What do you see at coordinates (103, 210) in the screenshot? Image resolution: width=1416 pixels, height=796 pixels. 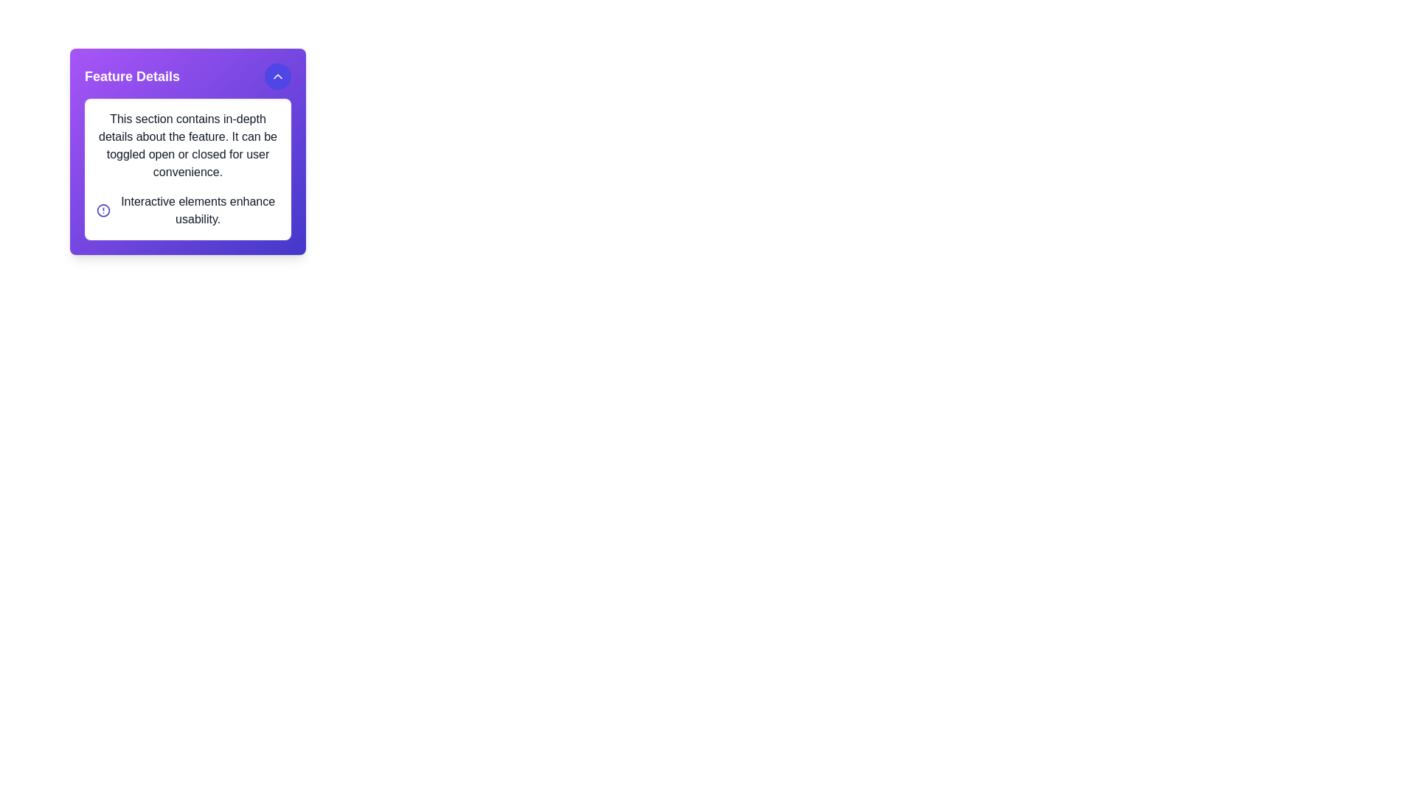 I see `the warning icon located to the left of the text 'Interactive elements enhance usability' beneath the 'Feature Details' section for information` at bounding box center [103, 210].